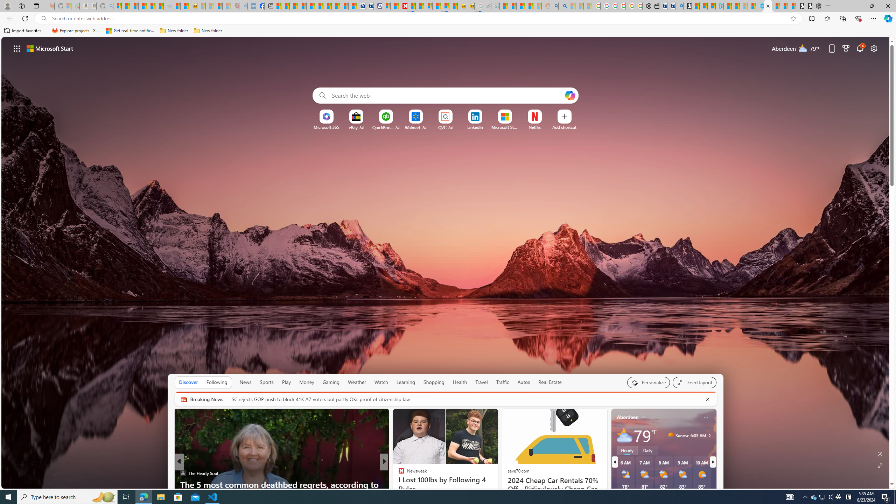 The width and height of the screenshot is (896, 504). I want to click on 'Search icon', so click(44, 19).